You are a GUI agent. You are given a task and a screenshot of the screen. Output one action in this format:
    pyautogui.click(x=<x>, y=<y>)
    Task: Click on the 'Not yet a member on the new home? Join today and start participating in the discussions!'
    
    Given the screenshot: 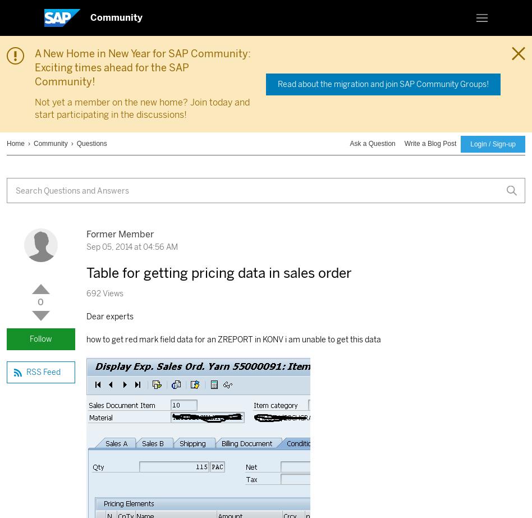 What is the action you would take?
    pyautogui.click(x=142, y=108)
    